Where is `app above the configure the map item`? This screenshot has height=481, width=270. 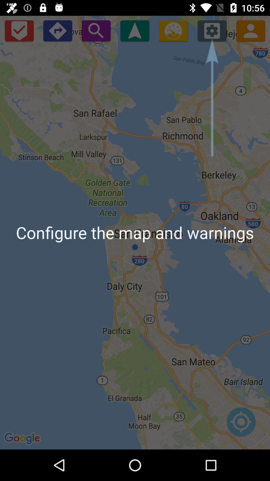 app above the configure the map item is located at coordinates (134, 30).